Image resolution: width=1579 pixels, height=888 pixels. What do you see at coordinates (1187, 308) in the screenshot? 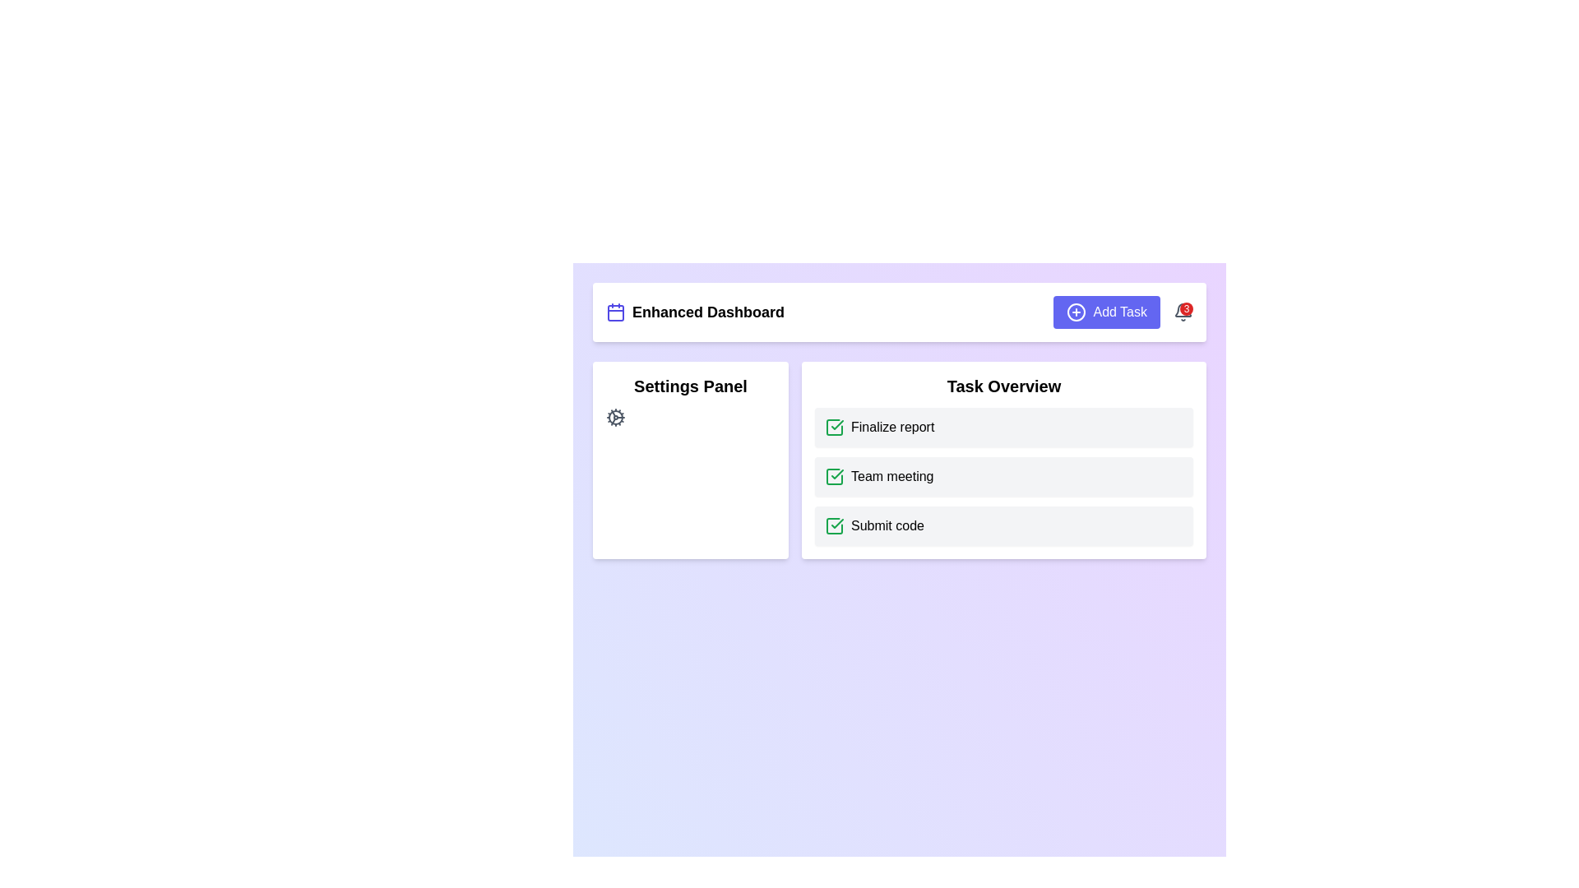
I see `content inside the Notification Badge located at the top-right corner of the bell icon, which indicates three new notifications` at bounding box center [1187, 308].